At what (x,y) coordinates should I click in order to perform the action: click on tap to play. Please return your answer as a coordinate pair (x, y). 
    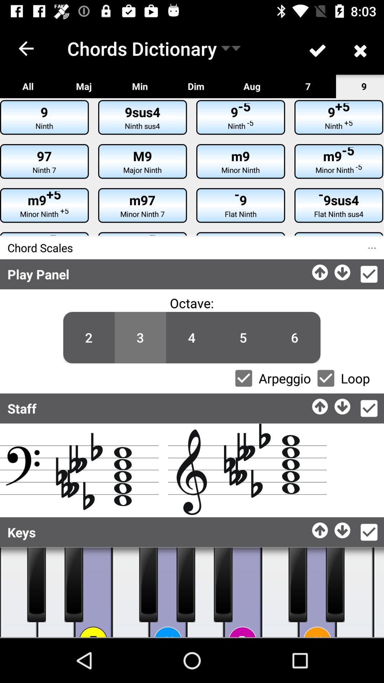
    Looking at the image, I should click on (130, 592).